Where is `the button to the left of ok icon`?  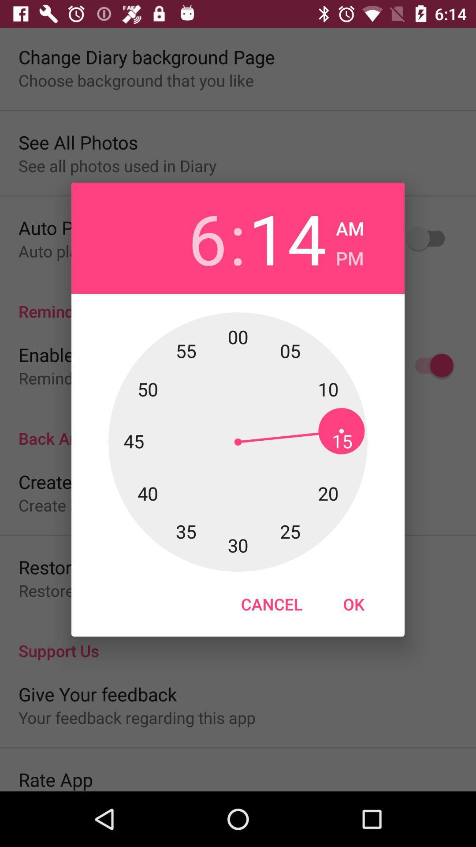 the button to the left of ok icon is located at coordinates (271, 603).